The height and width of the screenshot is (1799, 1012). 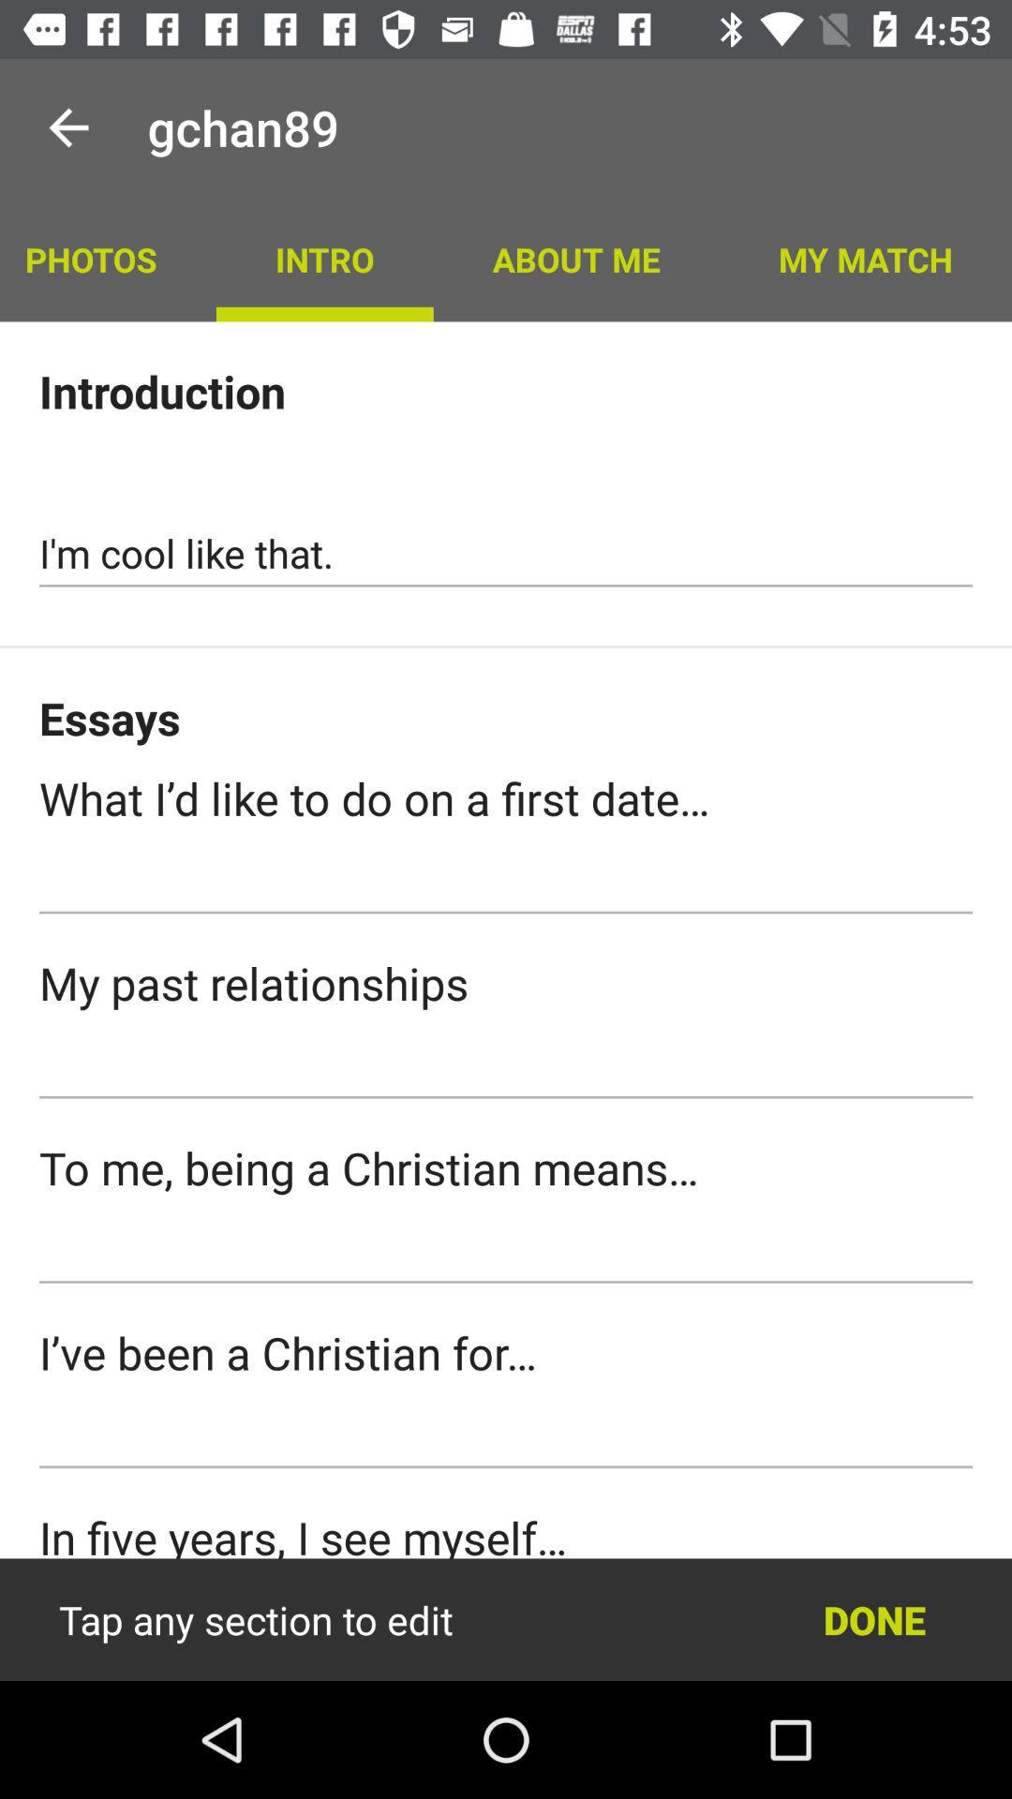 I want to click on past relationships field, so click(x=506, y=1065).